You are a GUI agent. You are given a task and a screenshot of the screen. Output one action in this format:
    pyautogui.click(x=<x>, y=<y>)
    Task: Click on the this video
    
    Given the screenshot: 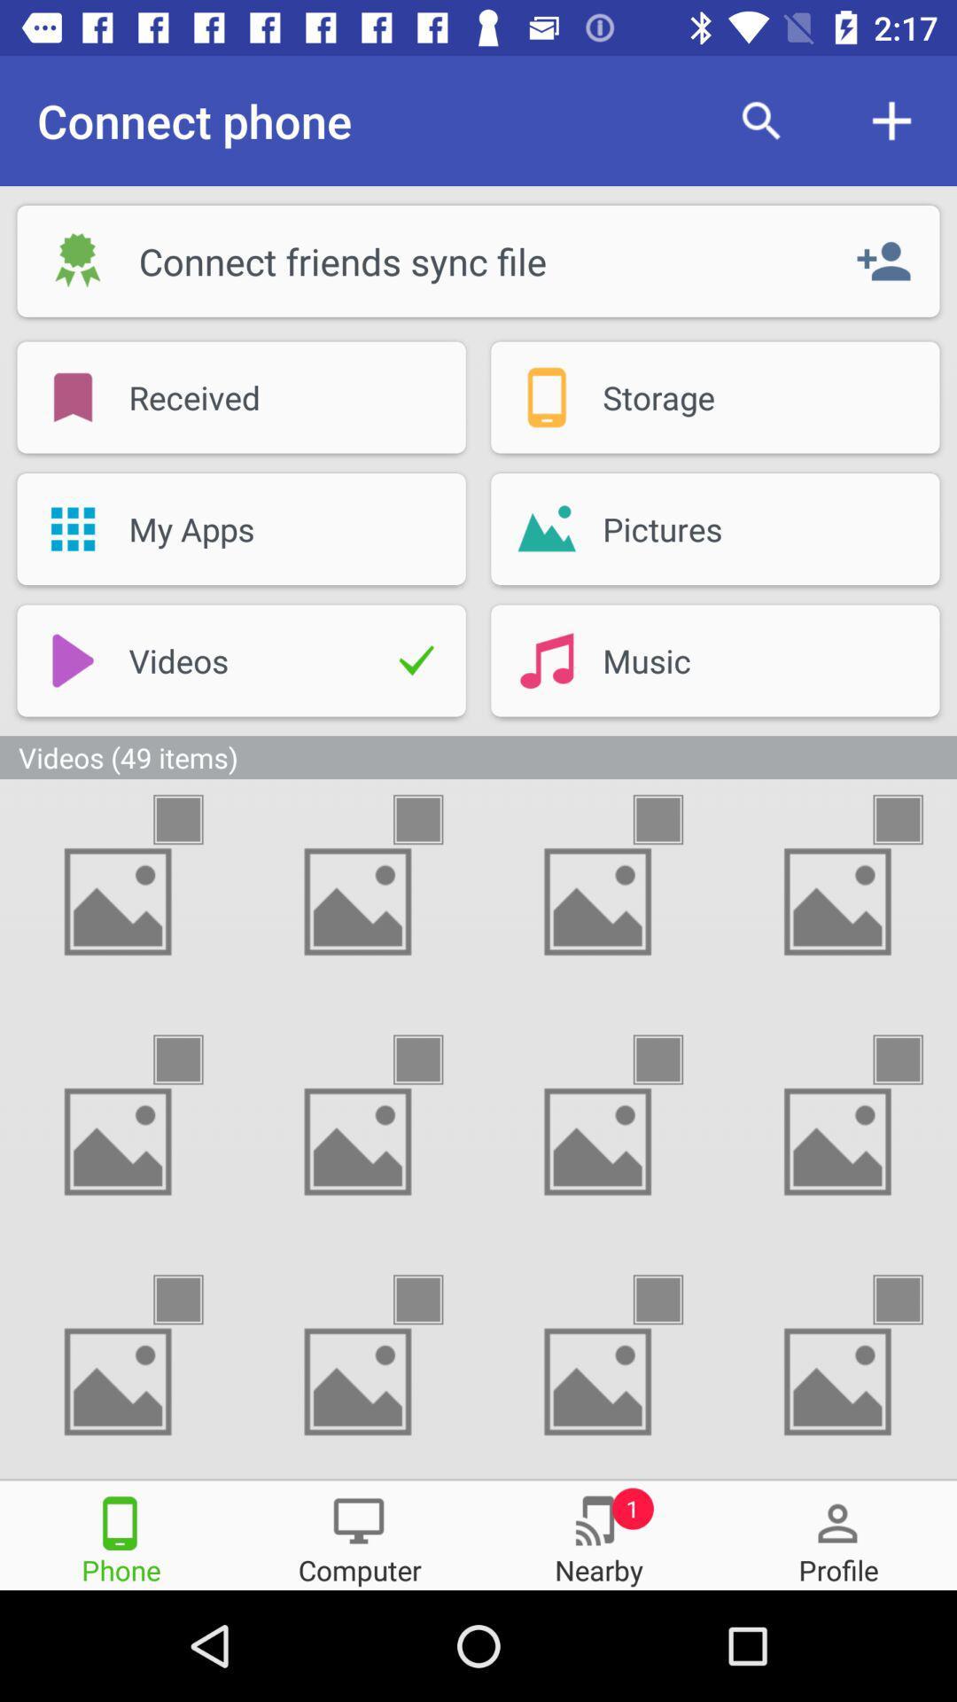 What is the action you would take?
    pyautogui.click(x=194, y=1059)
    